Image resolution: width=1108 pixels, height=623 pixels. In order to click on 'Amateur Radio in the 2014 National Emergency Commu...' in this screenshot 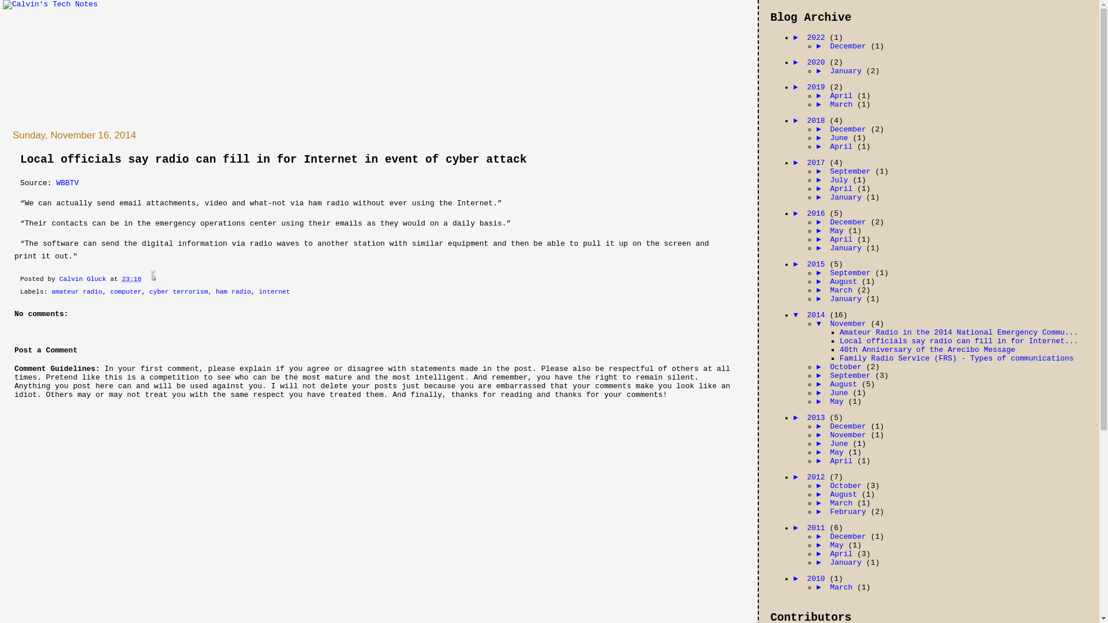, I will do `click(959, 332)`.